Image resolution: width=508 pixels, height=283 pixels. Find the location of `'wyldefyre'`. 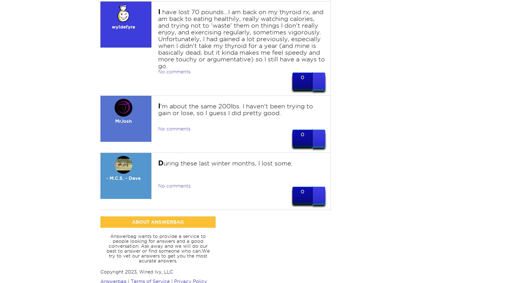

'wyldefyre' is located at coordinates (123, 27).